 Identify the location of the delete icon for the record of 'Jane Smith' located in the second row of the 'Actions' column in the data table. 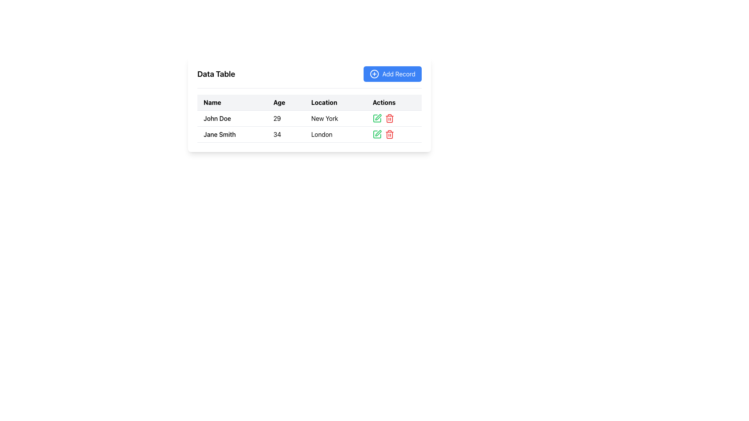
(390, 135).